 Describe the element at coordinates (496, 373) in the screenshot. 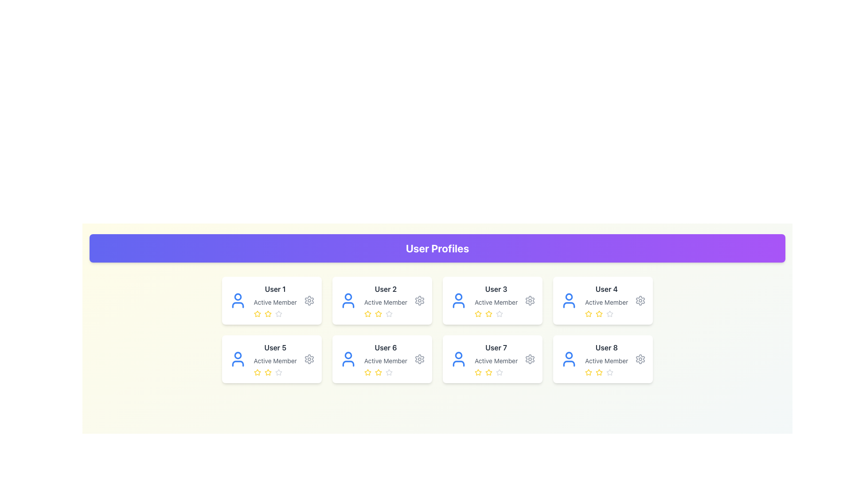

I see `the three-star rating indicator consisting of two yellow stars and one gray star in the 'User 7' card located in the last row, fourth column of the 'User Profiles' section` at that location.